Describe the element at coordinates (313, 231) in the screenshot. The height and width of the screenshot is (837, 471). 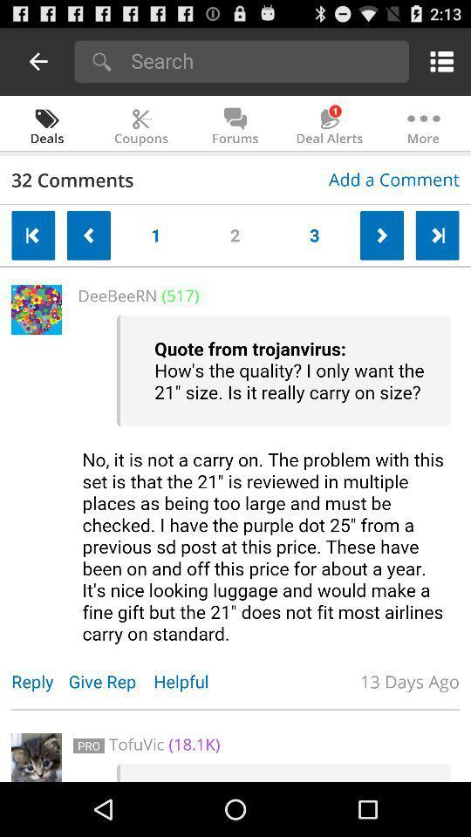
I see `the 3 button` at that location.